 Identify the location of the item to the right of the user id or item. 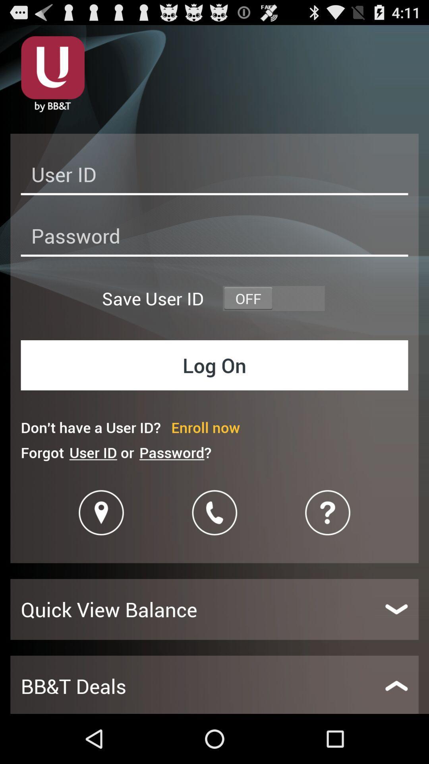
(175, 452).